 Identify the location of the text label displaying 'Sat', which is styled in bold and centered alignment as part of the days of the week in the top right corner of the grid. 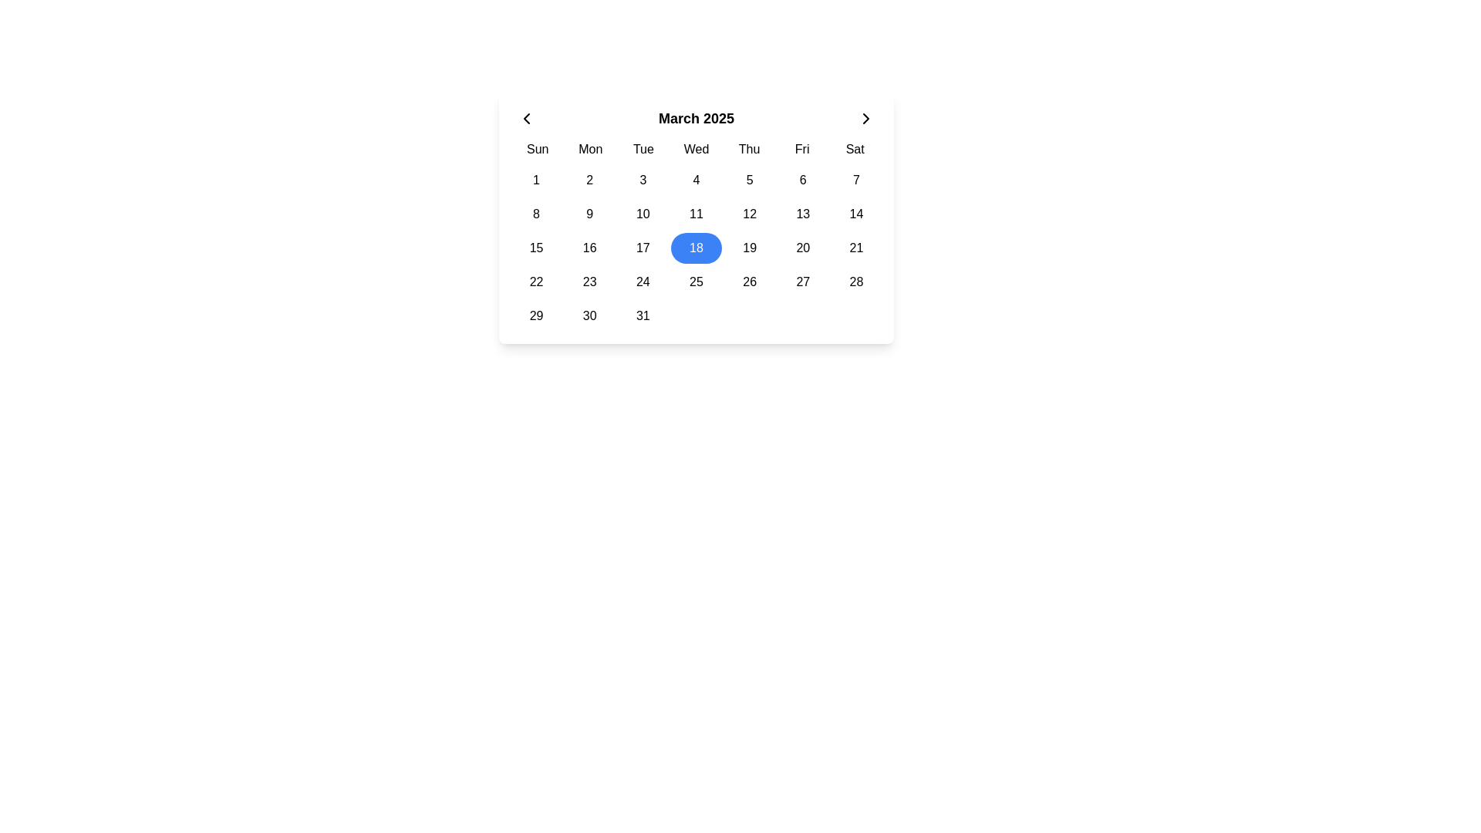
(854, 149).